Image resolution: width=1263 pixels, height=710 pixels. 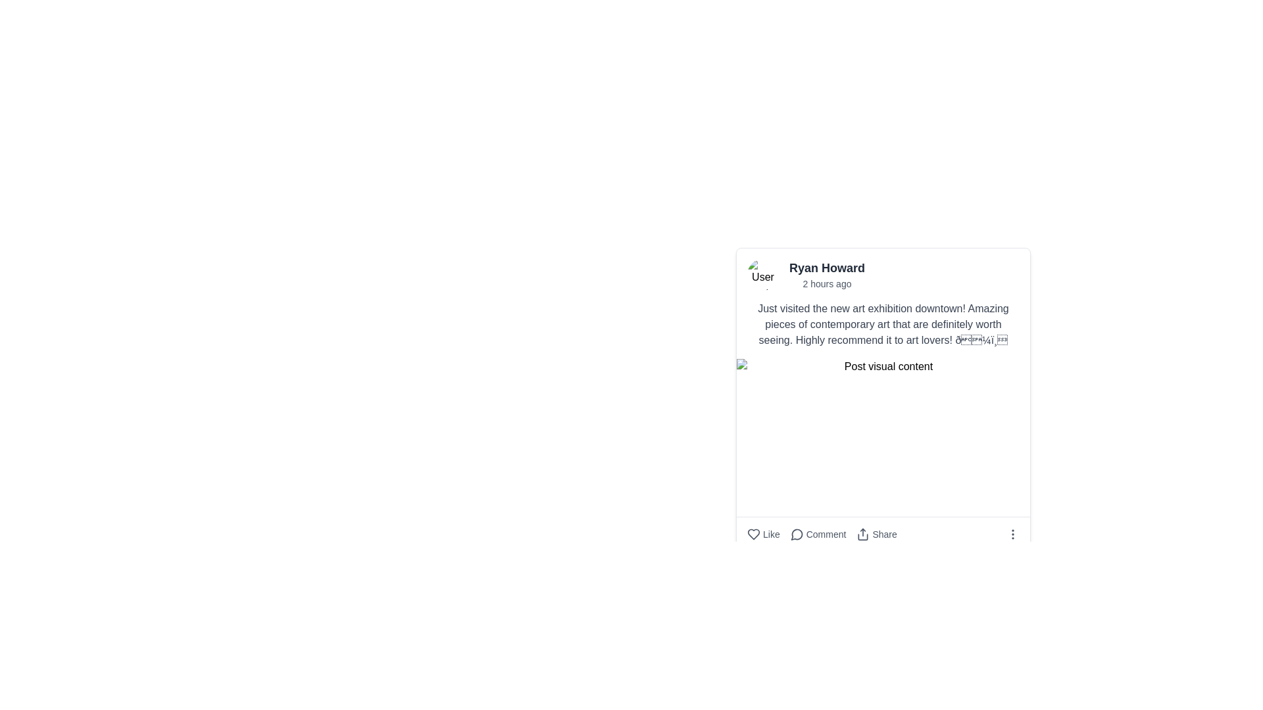 What do you see at coordinates (863, 534) in the screenshot?
I see `the share icon, which features an upward-pointing arrow with a gray outline, located to the left of the 'Share' text in the bottom right corner of the post interface` at bounding box center [863, 534].